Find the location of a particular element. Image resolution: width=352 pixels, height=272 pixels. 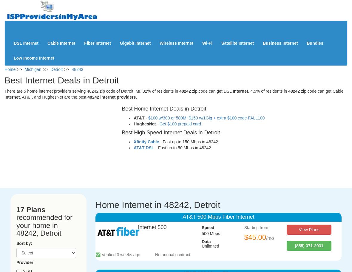

'Business Internet' is located at coordinates (280, 43).